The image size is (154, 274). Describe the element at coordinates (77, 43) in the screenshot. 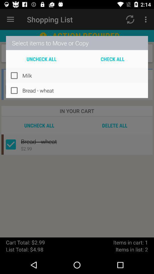

I see `select items to` at that location.